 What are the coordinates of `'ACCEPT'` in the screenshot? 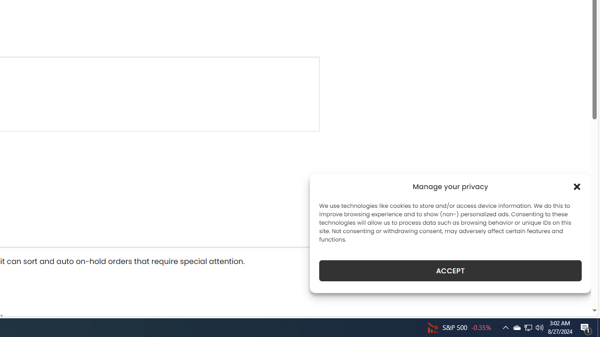 It's located at (450, 271).